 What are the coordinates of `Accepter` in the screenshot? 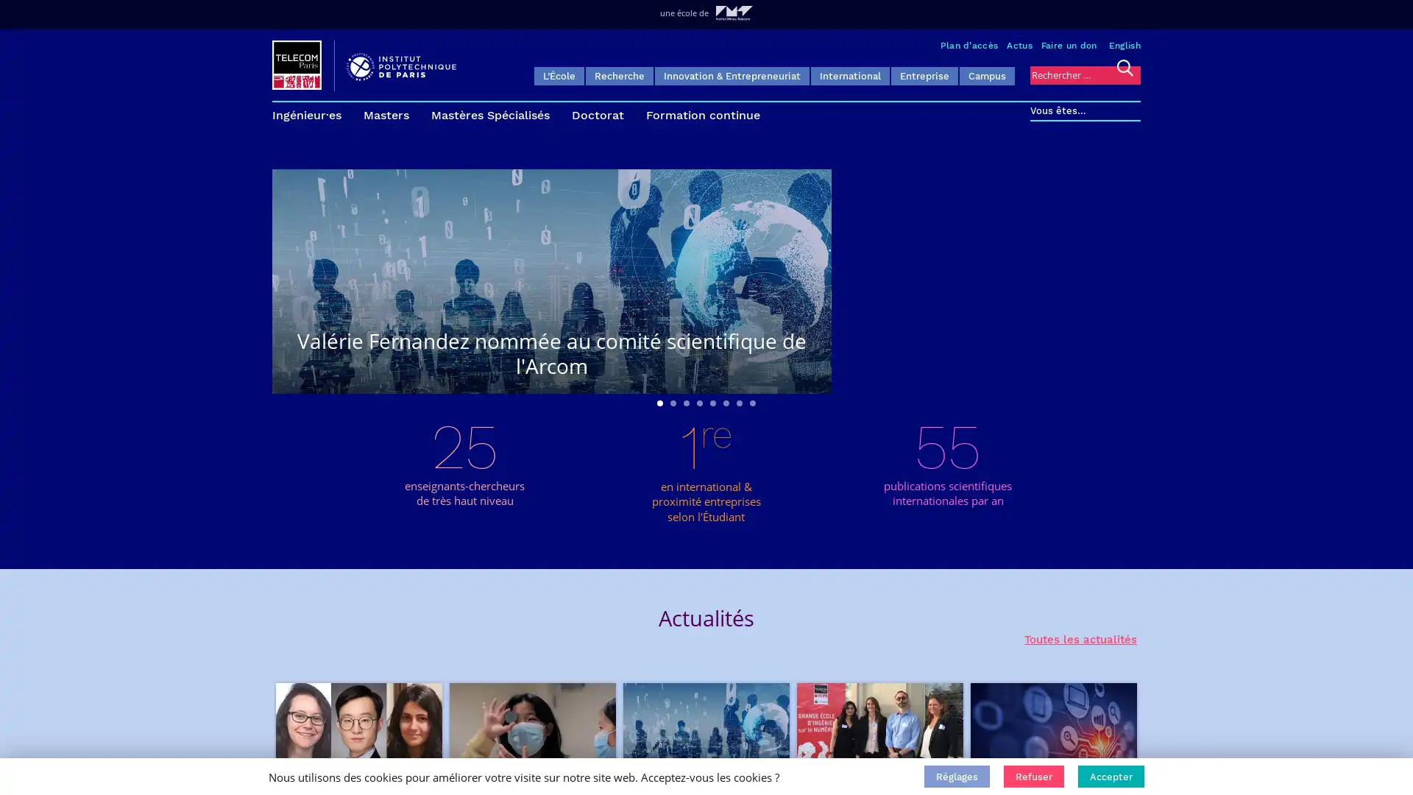 It's located at (1111, 775).